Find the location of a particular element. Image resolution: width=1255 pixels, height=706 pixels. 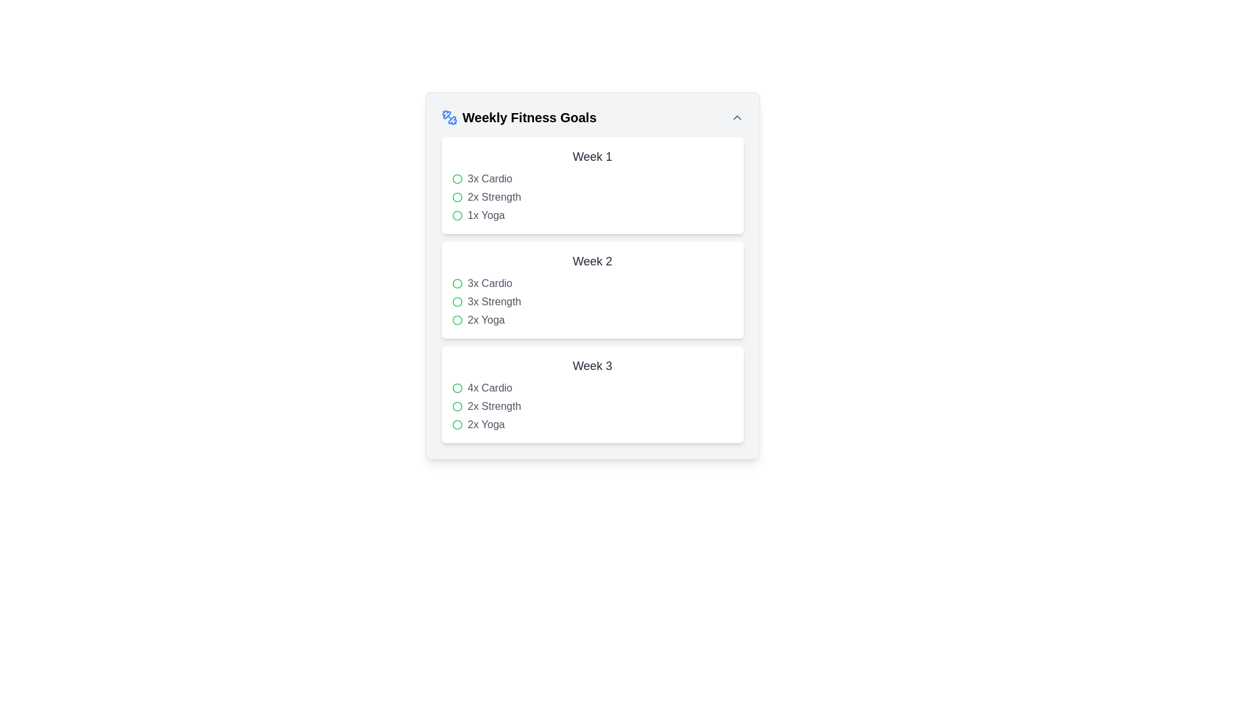

the status of the third circular icon with a green border and red fill located near the '1x Yoga' label in the 'Week 1' section of the 'Weekly Fitness Goals' interface is located at coordinates (457, 215).